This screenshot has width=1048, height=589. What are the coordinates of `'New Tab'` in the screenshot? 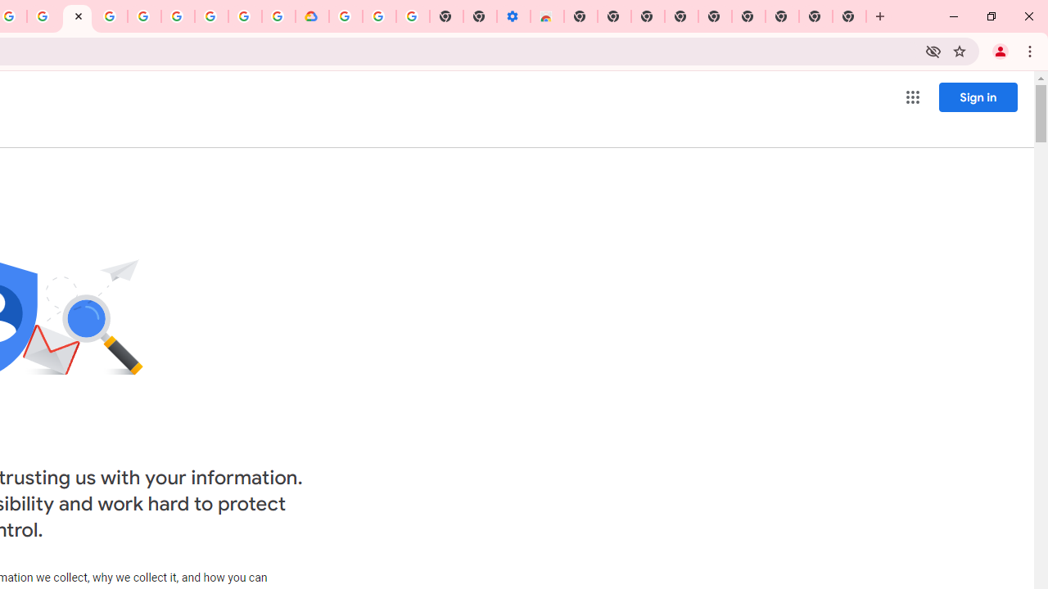 It's located at (850, 16).